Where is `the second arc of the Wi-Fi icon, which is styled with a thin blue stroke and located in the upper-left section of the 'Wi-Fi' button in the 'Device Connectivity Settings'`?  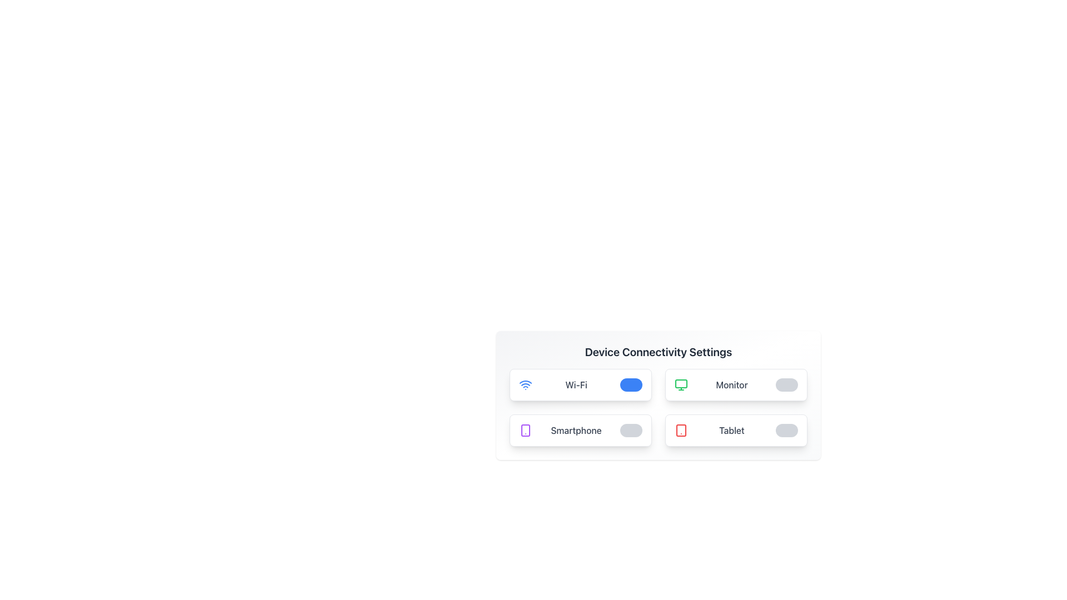 the second arc of the Wi-Fi icon, which is styled with a thin blue stroke and located in the upper-left section of the 'Wi-Fi' button in the 'Device Connectivity Settings' is located at coordinates (525, 381).